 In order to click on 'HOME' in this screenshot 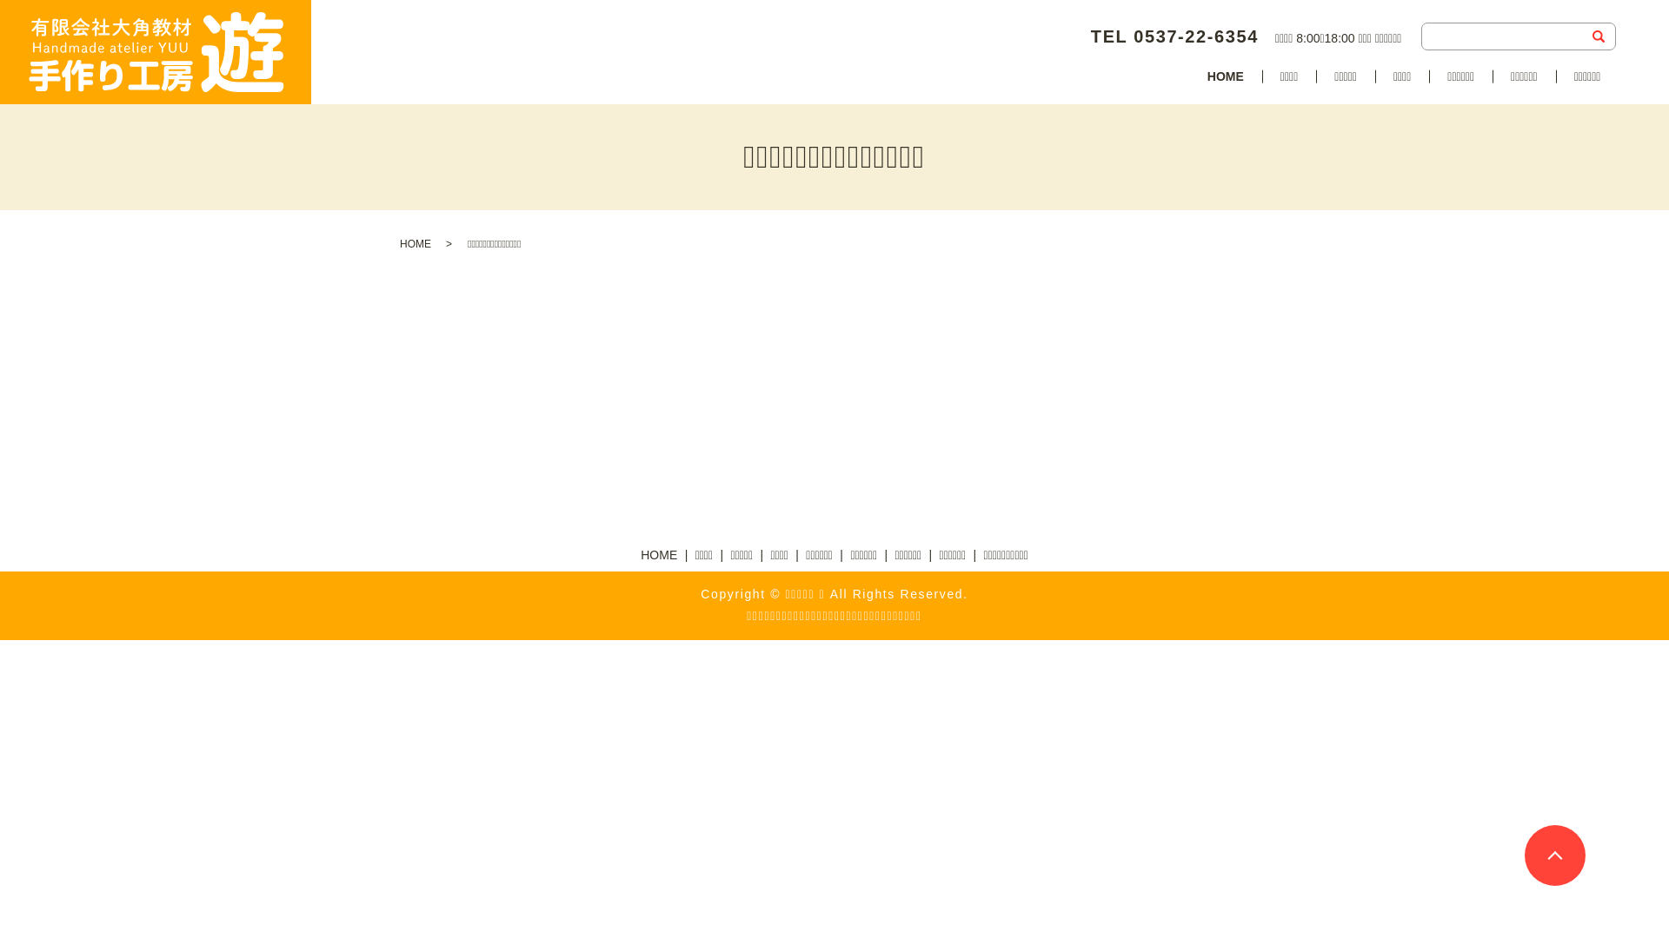, I will do `click(415, 244)`.